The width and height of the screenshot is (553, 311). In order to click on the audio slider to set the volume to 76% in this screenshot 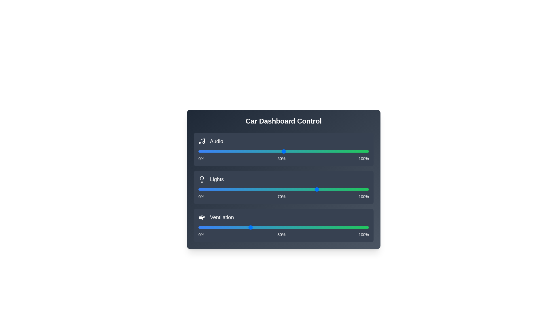, I will do `click(328, 151)`.